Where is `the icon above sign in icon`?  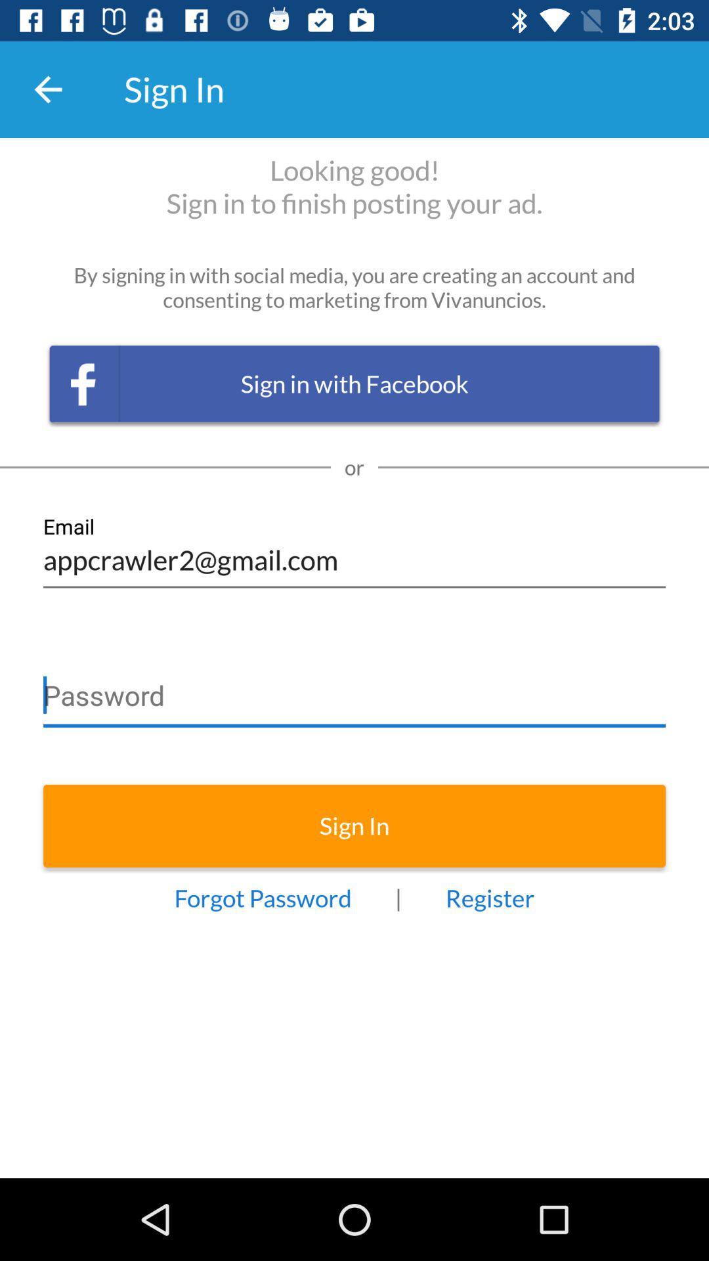
the icon above sign in icon is located at coordinates (354, 689).